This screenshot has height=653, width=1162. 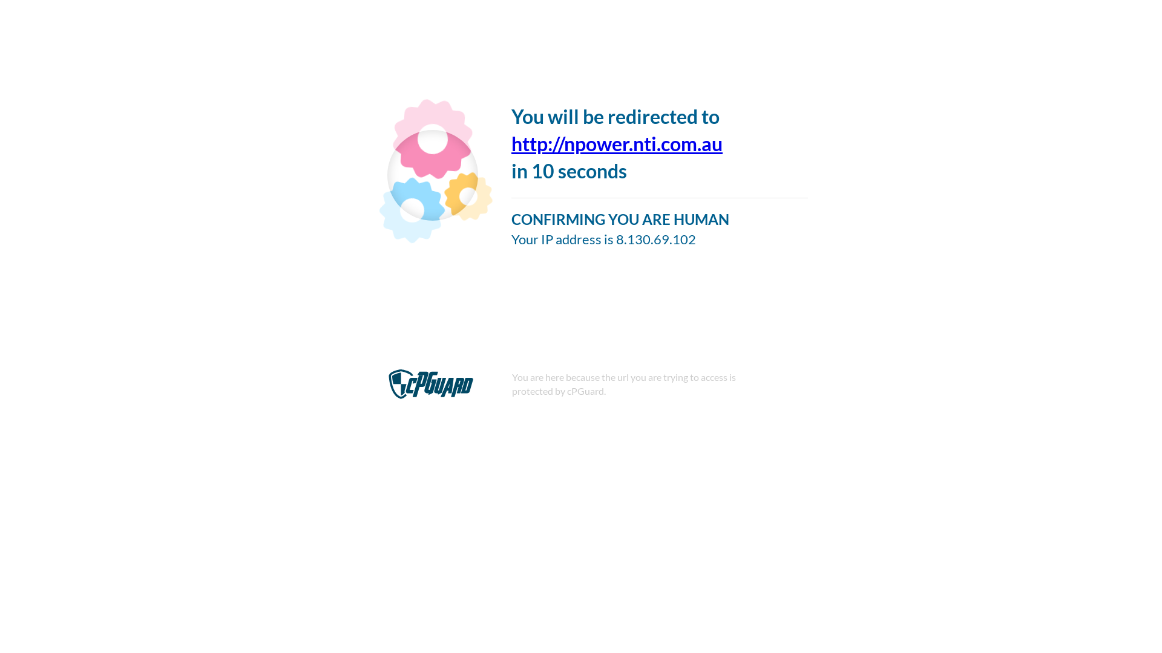 I want to click on 'http://npower.nti.com.au', so click(x=617, y=143).